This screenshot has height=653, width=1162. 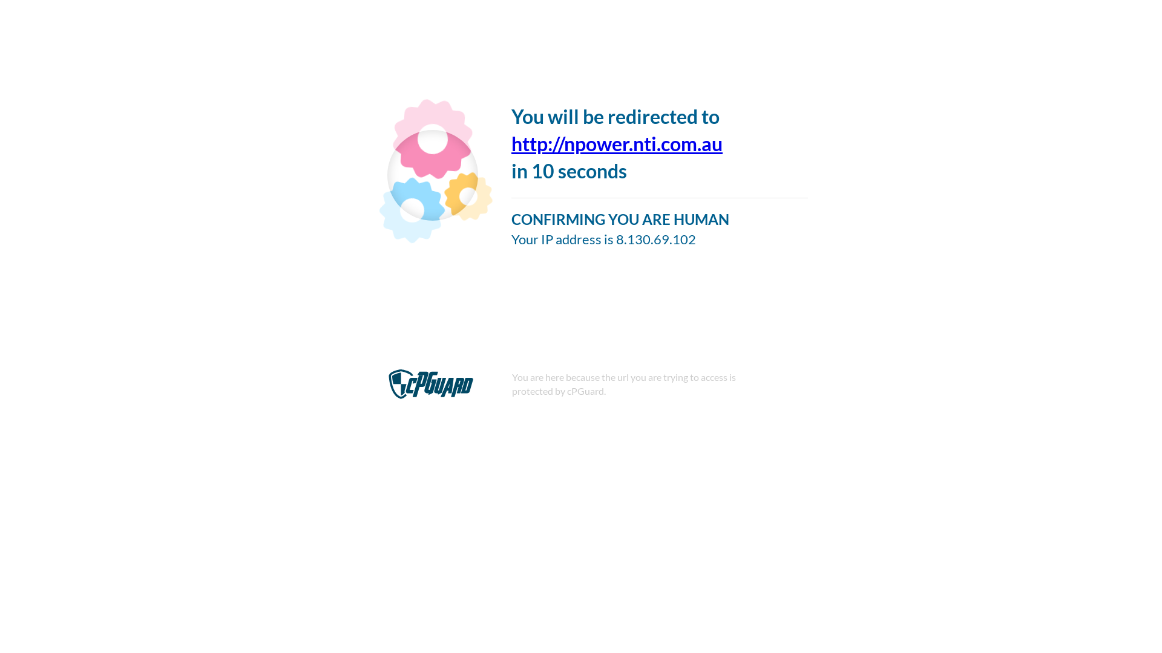 I want to click on 'http://npower.nti.com.au', so click(x=617, y=143).